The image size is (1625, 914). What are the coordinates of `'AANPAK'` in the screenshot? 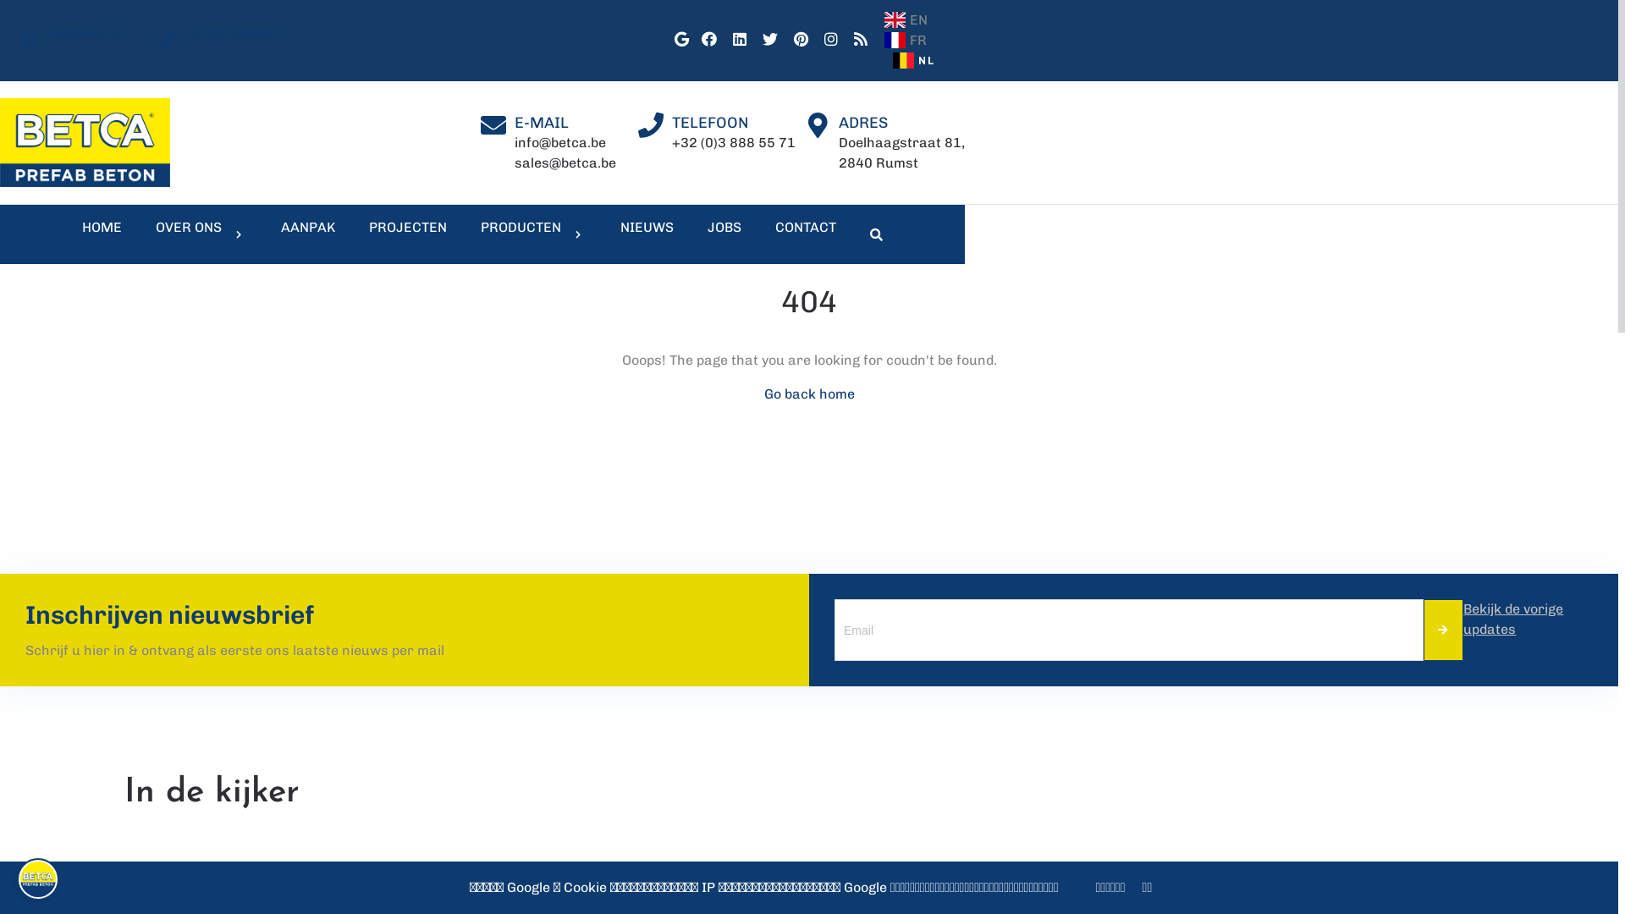 It's located at (263, 234).